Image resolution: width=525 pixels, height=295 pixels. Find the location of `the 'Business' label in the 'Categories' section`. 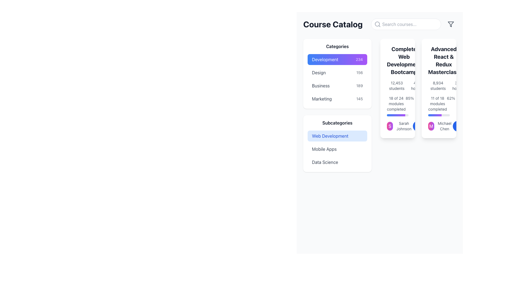

the 'Business' label in the 'Categories' section is located at coordinates (321, 85).